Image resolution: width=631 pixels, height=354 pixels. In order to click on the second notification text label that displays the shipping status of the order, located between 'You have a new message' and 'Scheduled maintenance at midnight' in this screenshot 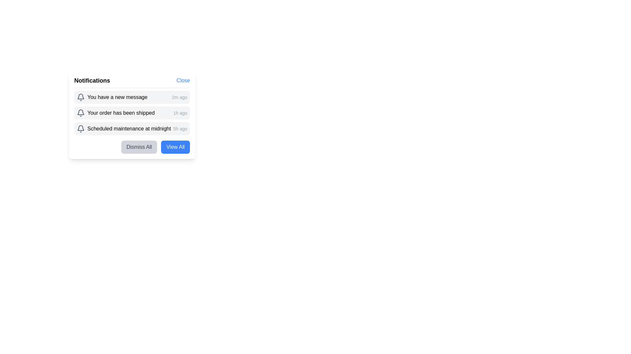, I will do `click(116, 112)`.